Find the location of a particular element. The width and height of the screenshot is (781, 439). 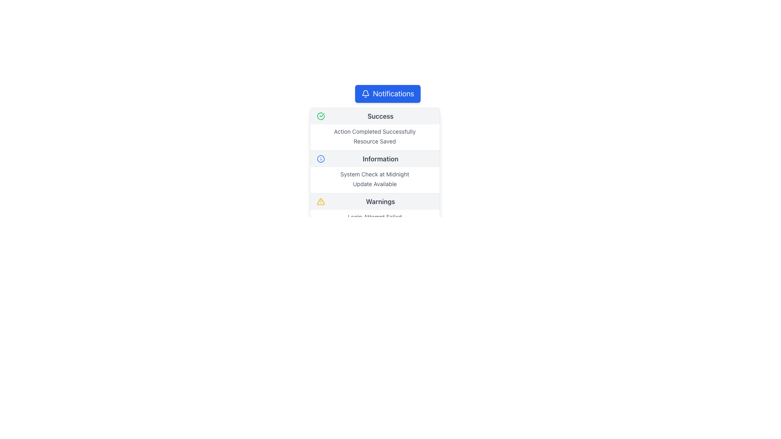

text label displaying 'Resource Saved', which is part of the notification panel under the 'Success' category is located at coordinates (374, 141).